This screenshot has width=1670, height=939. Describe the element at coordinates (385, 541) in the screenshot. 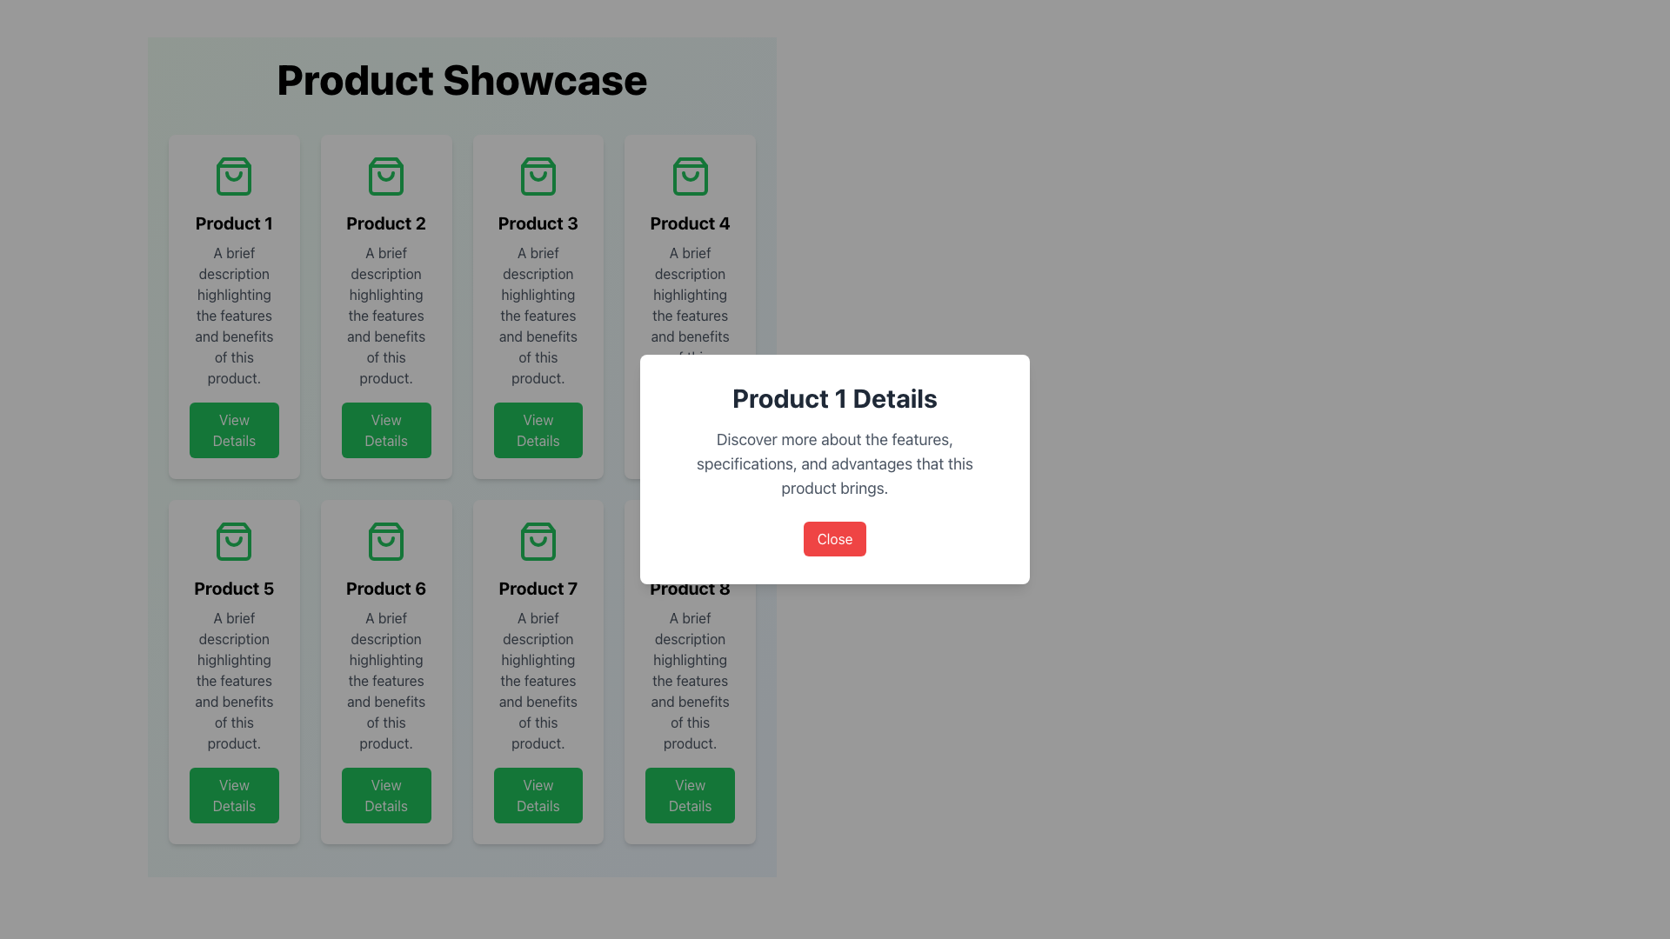

I see `the center handle of the shopping bag icon located in the 'Product 6' card, which is the second item in the second row of the product grid to provide visual feedback` at that location.